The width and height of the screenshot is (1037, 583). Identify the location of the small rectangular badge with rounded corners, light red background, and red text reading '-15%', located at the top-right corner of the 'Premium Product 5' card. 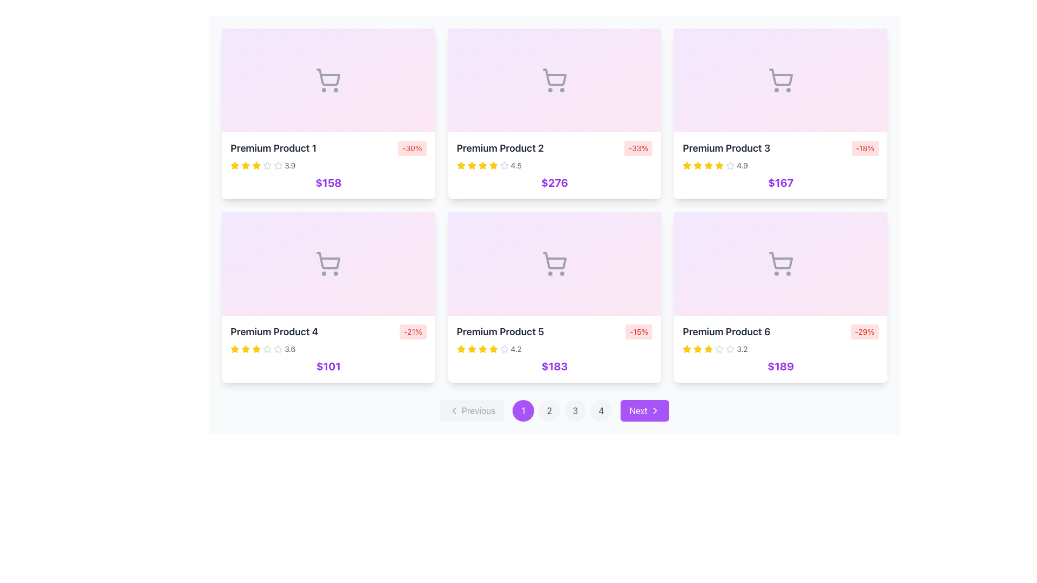
(639, 331).